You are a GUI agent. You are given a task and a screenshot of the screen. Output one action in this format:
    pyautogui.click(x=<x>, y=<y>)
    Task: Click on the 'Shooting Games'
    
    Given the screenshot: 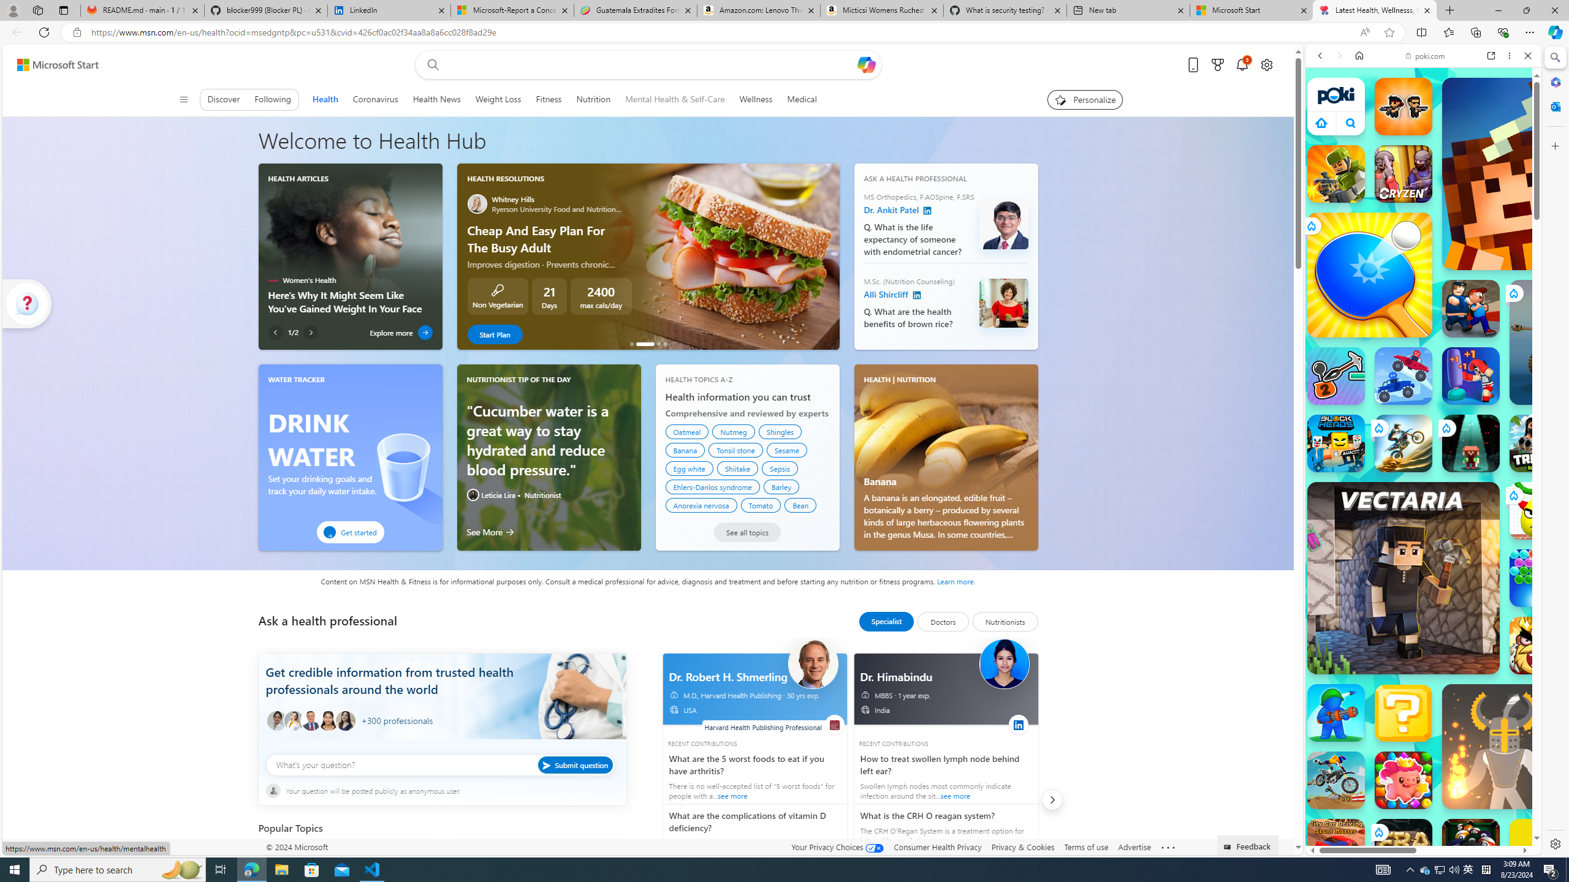 What is the action you would take?
    pyautogui.click(x=1422, y=317)
    